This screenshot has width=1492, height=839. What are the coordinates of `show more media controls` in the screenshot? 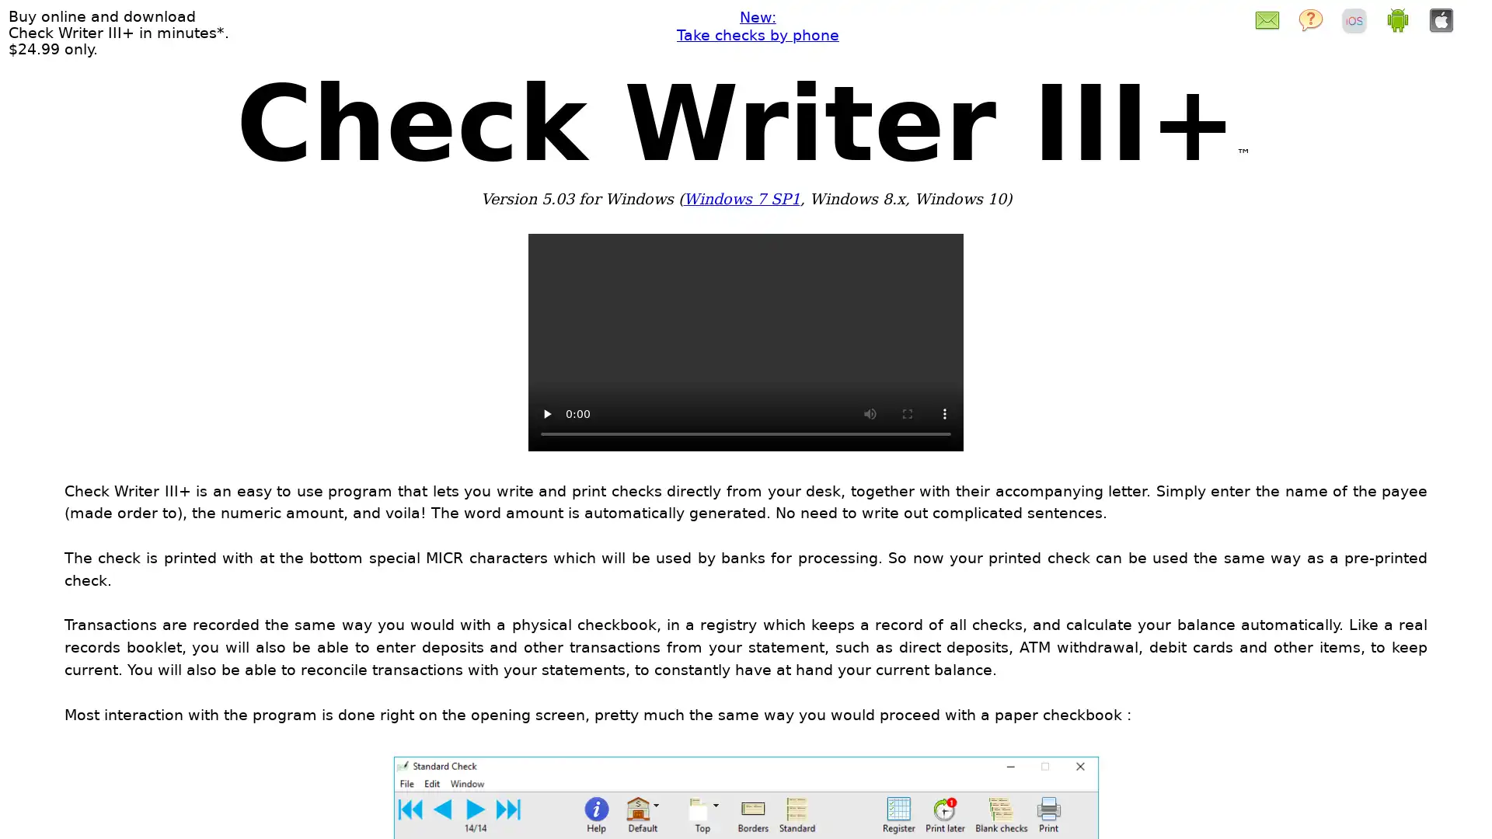 It's located at (943, 413).